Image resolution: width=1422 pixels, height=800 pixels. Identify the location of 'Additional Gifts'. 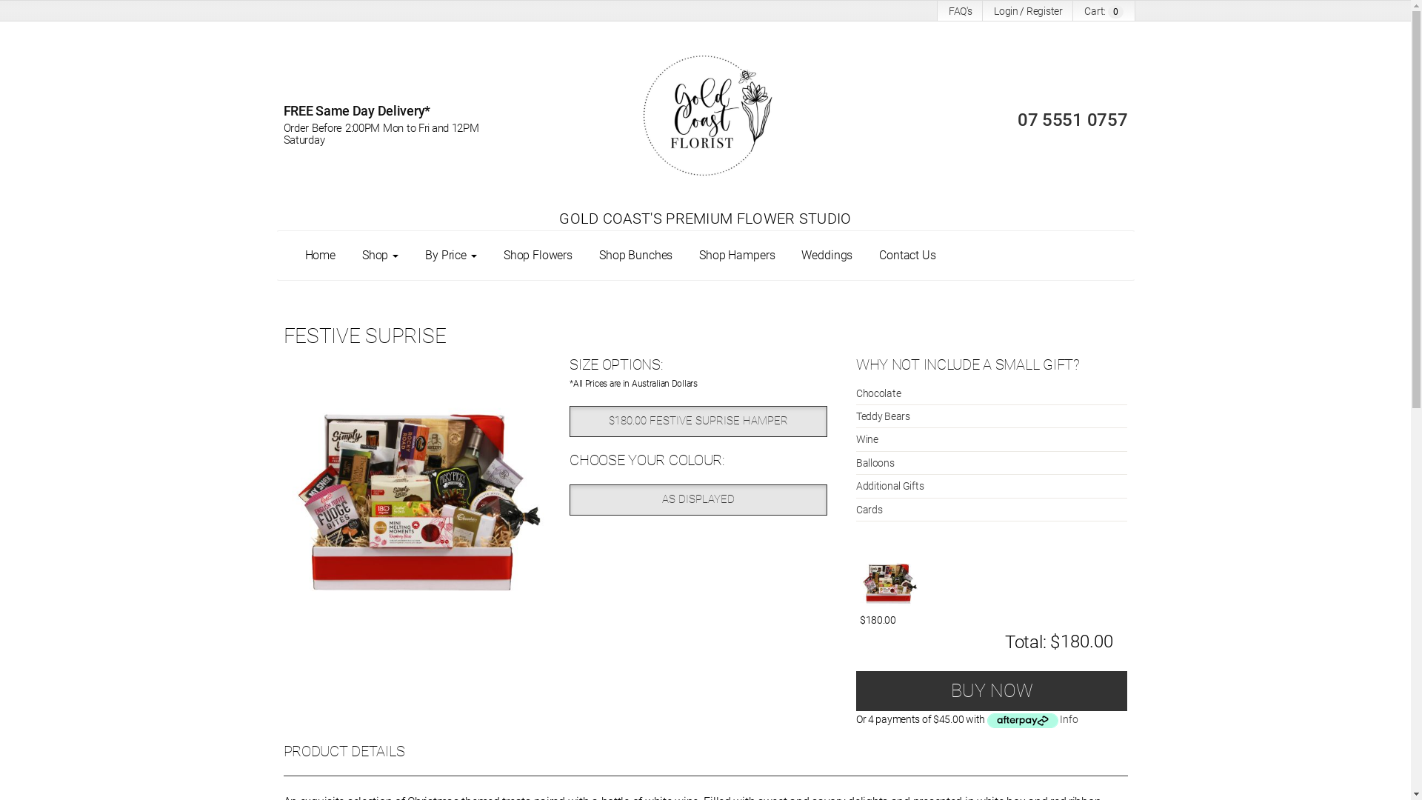
(992, 485).